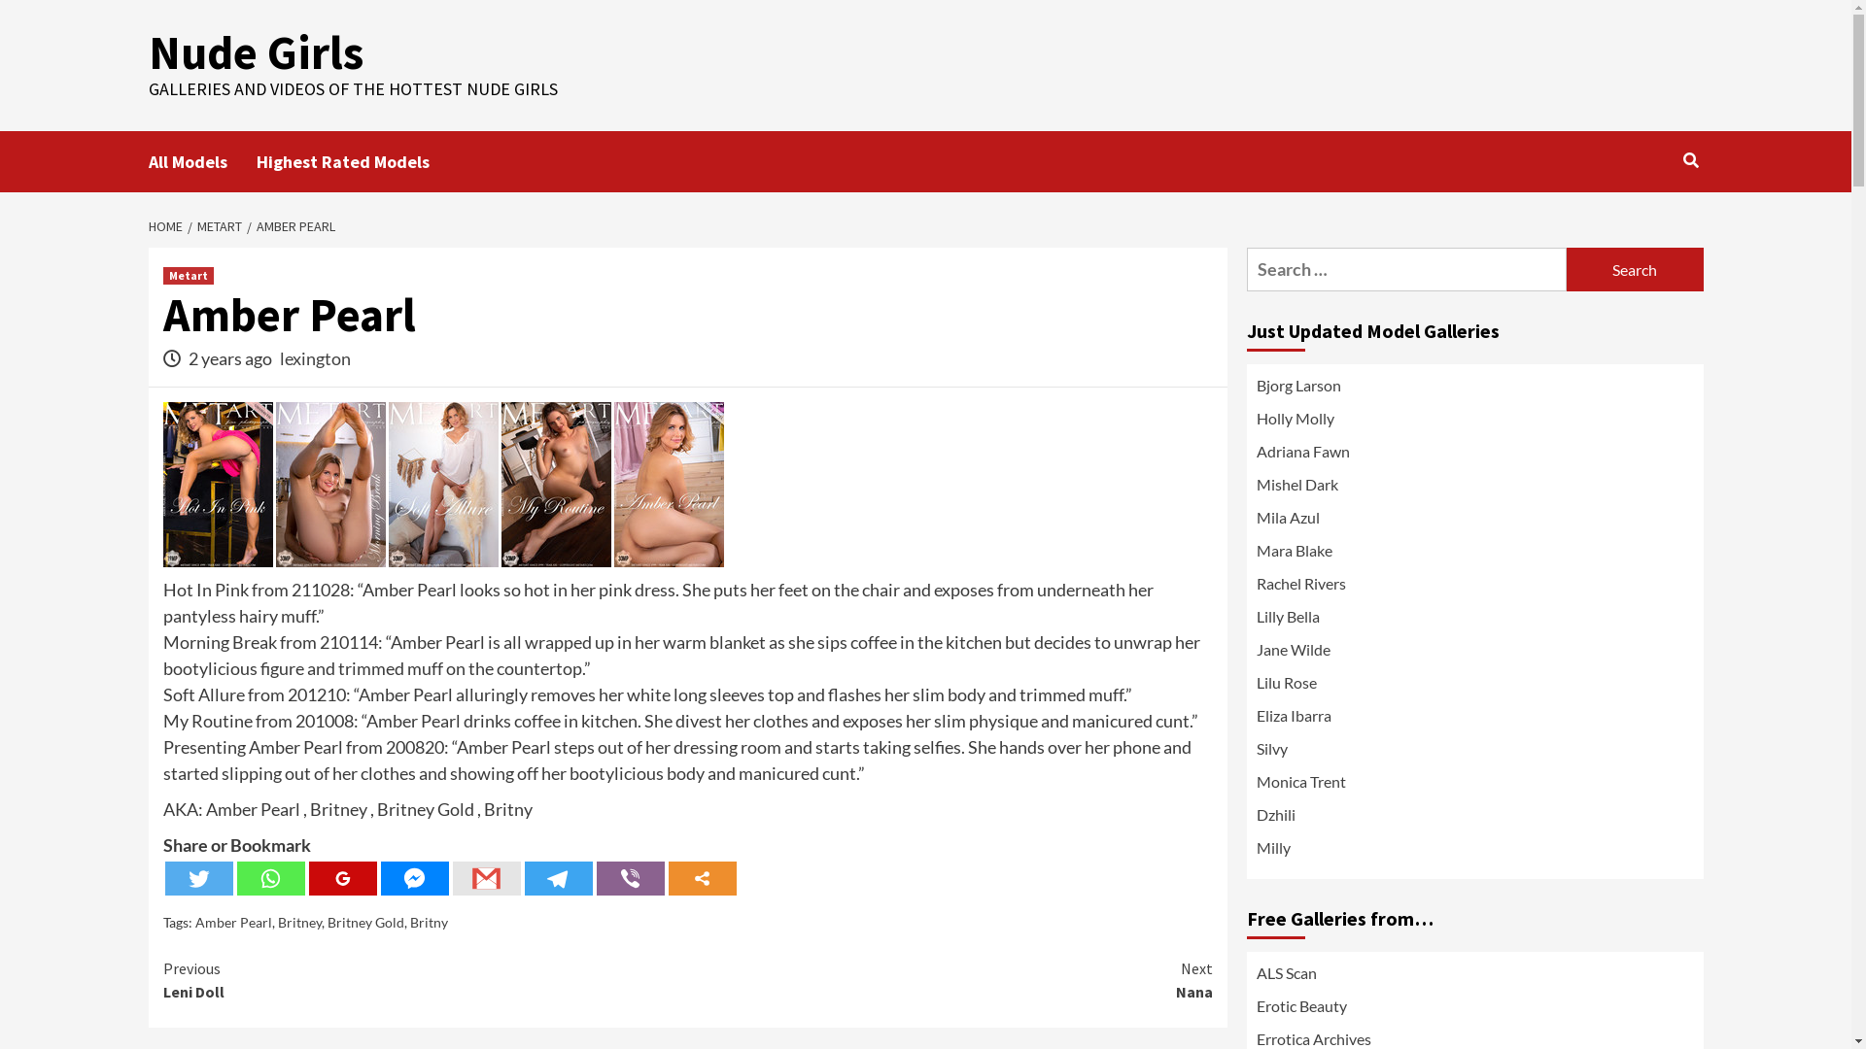  I want to click on 'Twitter', so click(199, 878).